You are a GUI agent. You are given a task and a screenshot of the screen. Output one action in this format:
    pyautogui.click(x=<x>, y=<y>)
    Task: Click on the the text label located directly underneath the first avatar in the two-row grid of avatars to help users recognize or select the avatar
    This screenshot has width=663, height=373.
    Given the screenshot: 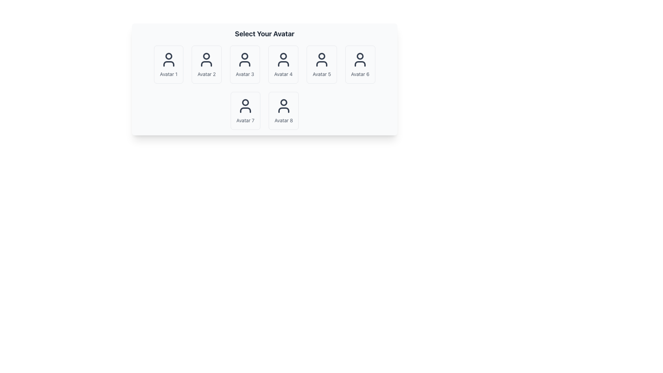 What is the action you would take?
    pyautogui.click(x=169, y=74)
    